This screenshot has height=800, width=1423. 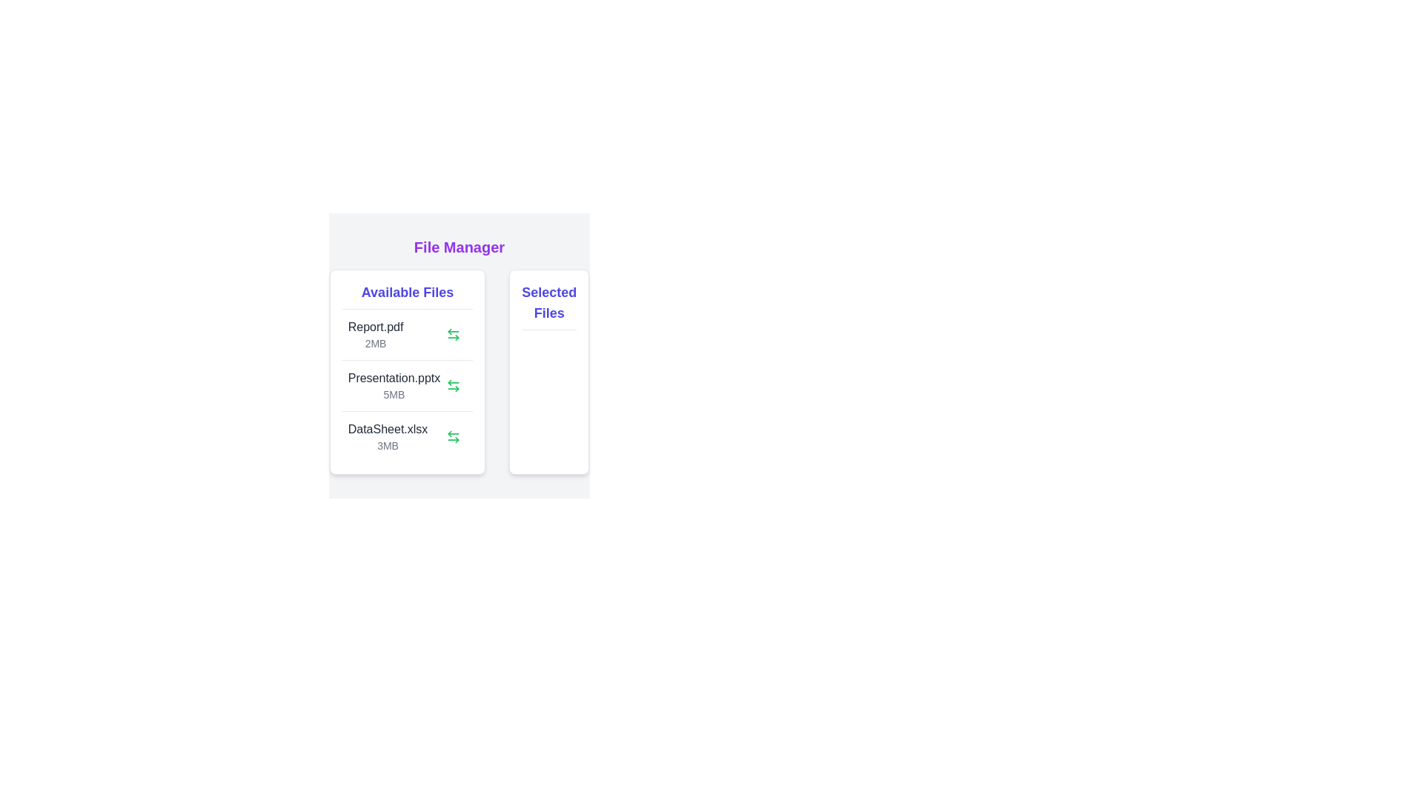 I want to click on the static text label displaying 'Report.pdf', so click(x=376, y=327).